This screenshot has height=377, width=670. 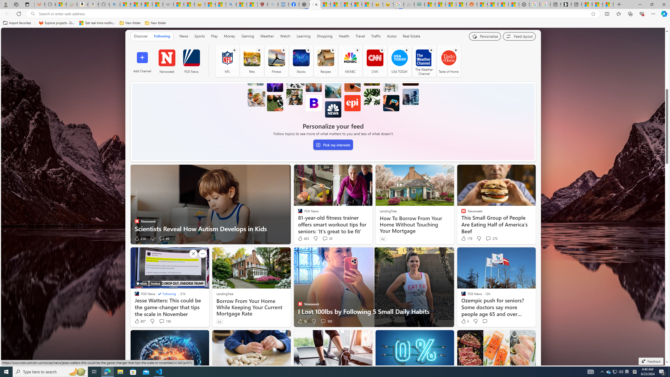 I want to click on 'Pets', so click(x=252, y=58).